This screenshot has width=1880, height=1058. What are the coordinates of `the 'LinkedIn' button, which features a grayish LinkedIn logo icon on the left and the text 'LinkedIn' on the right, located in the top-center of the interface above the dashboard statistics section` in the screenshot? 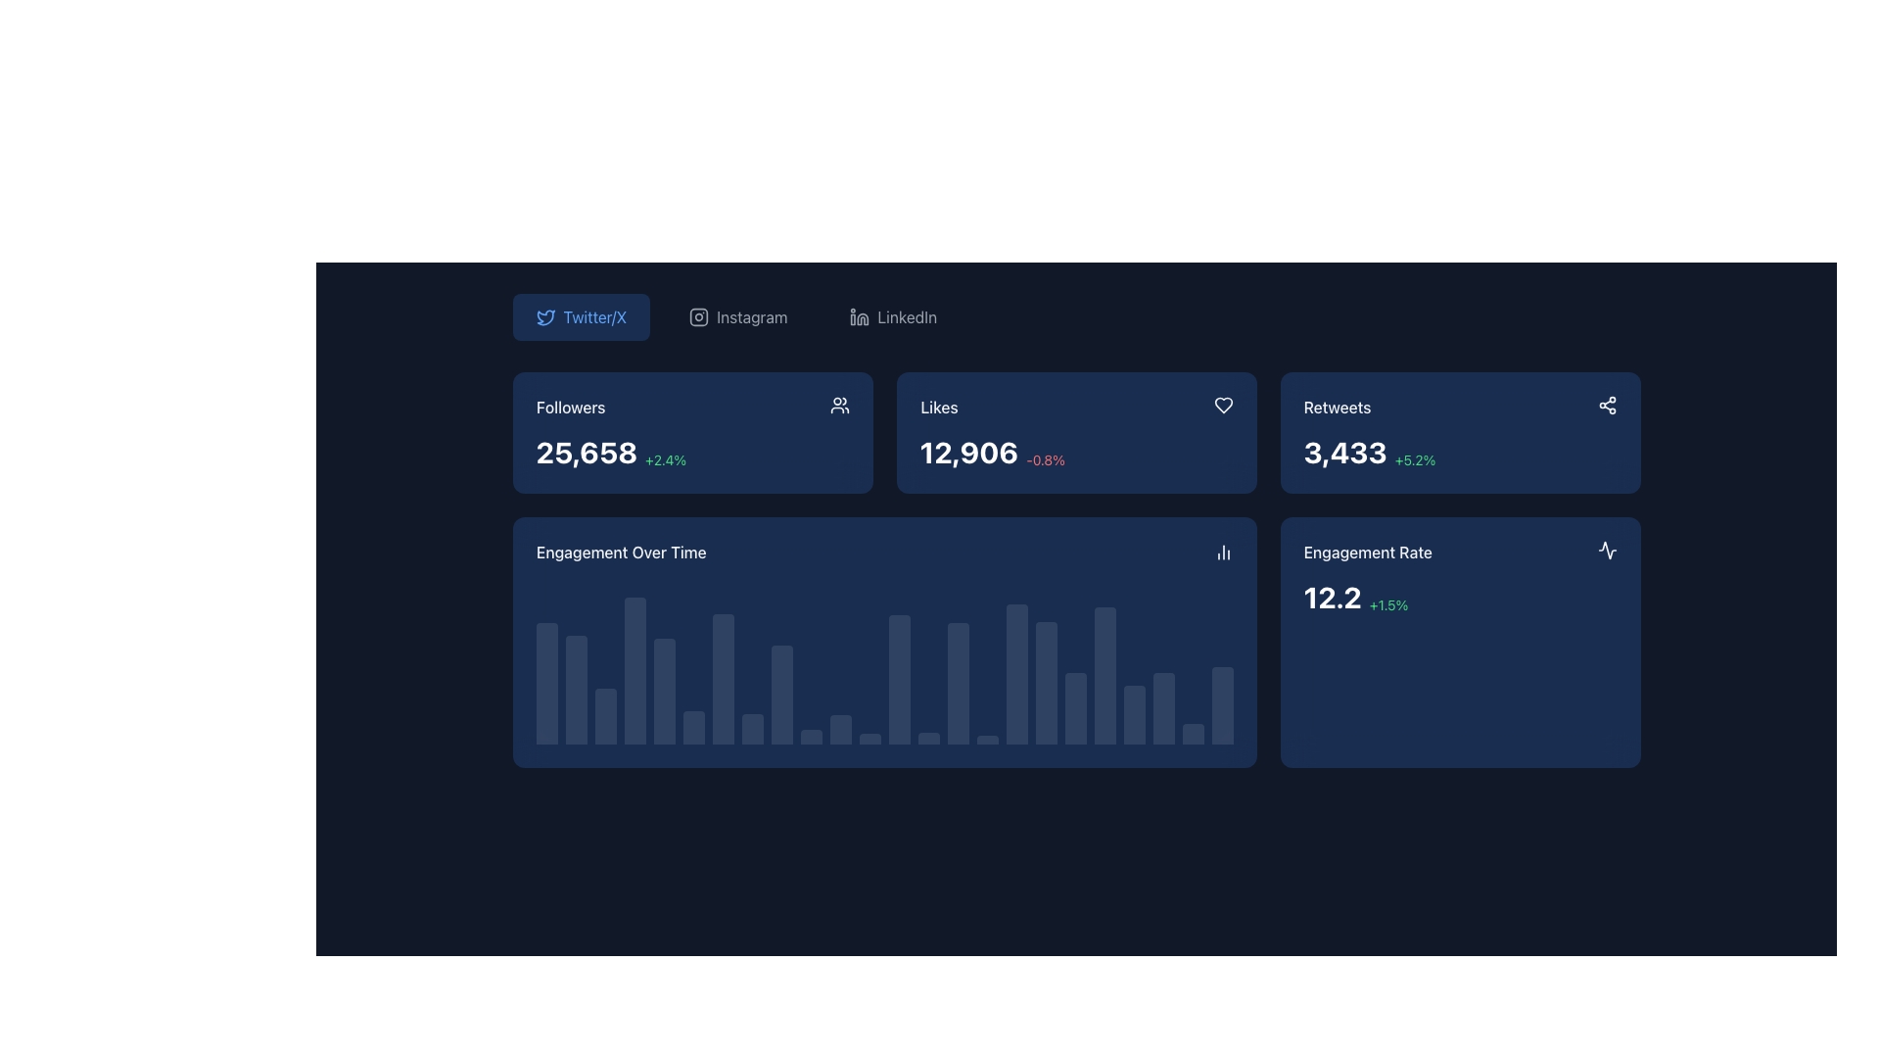 It's located at (892, 316).